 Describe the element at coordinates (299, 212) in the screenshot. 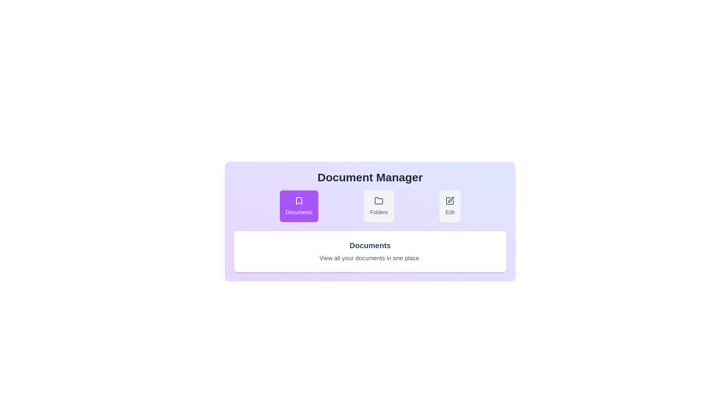

I see `the text label displaying 'Documents' in white font on a purple background, located below the bookmark icon in the leftmost button of three at the center top of the UI` at that location.